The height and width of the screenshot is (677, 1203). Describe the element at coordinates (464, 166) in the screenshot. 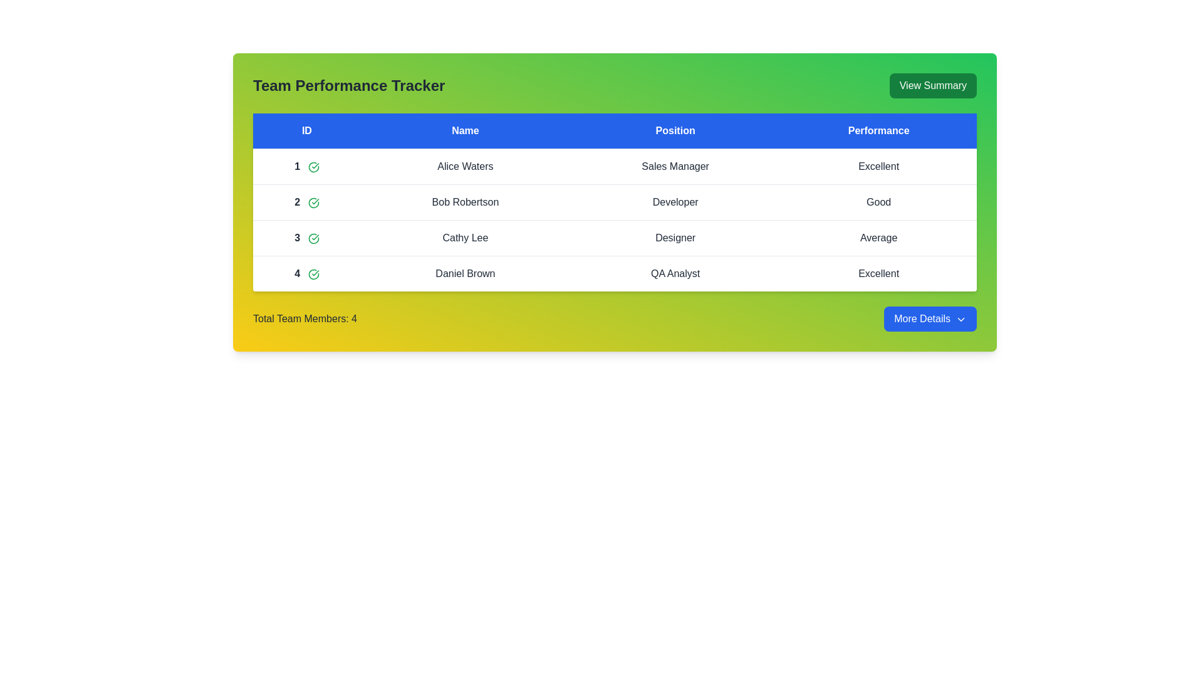

I see `the row corresponding to employee Alice Waters to inspect their details` at that location.